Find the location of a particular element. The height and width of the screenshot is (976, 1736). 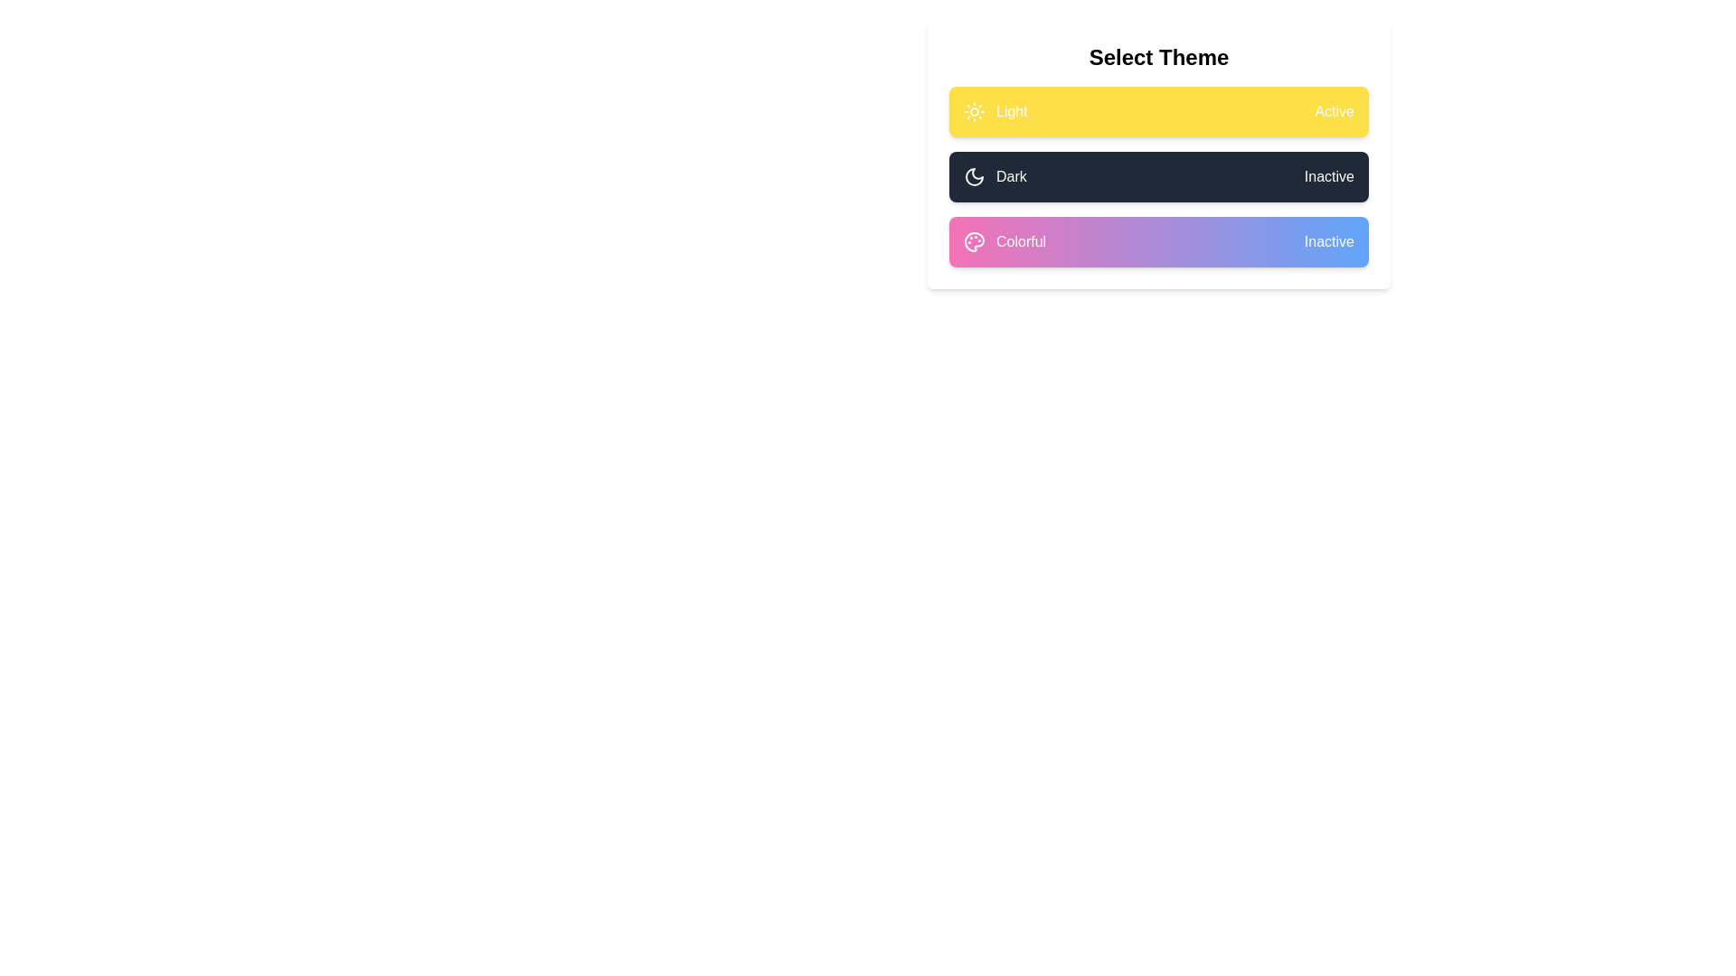

the label and icon for the theme Colorful is located at coordinates (1158, 240).